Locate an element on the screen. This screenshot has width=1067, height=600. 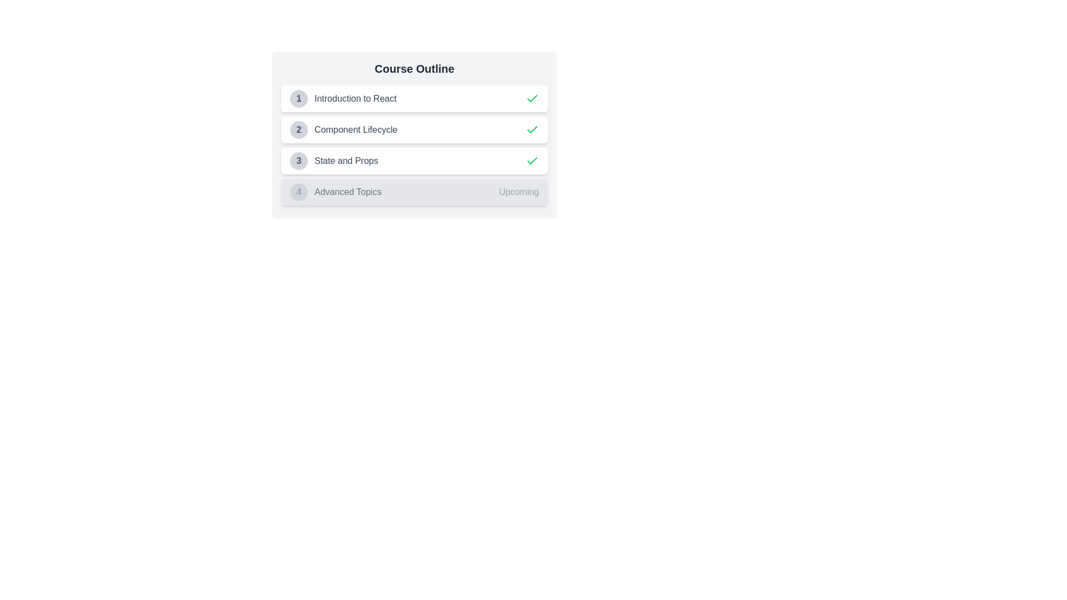
the SVG checkmark icon that indicates the completed status for the 'Component Lifecycle' item in the list is located at coordinates (532, 129).